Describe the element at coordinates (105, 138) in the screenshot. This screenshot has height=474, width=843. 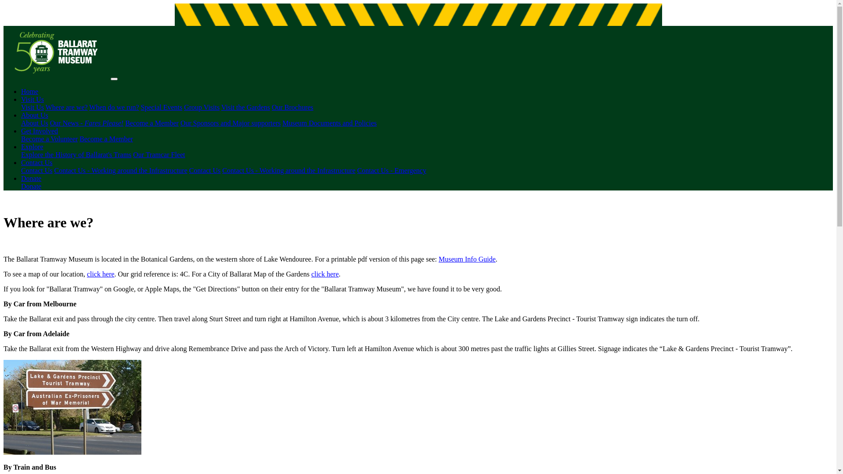
I see `'Become a Member'` at that location.